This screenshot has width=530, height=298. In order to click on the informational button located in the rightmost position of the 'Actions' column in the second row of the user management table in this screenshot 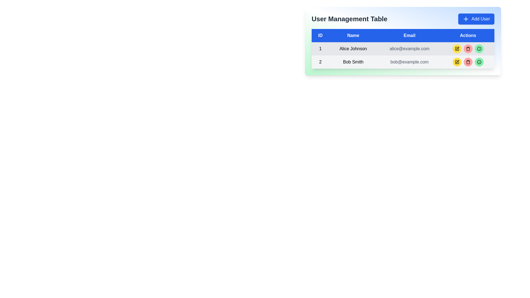, I will do `click(479, 62)`.